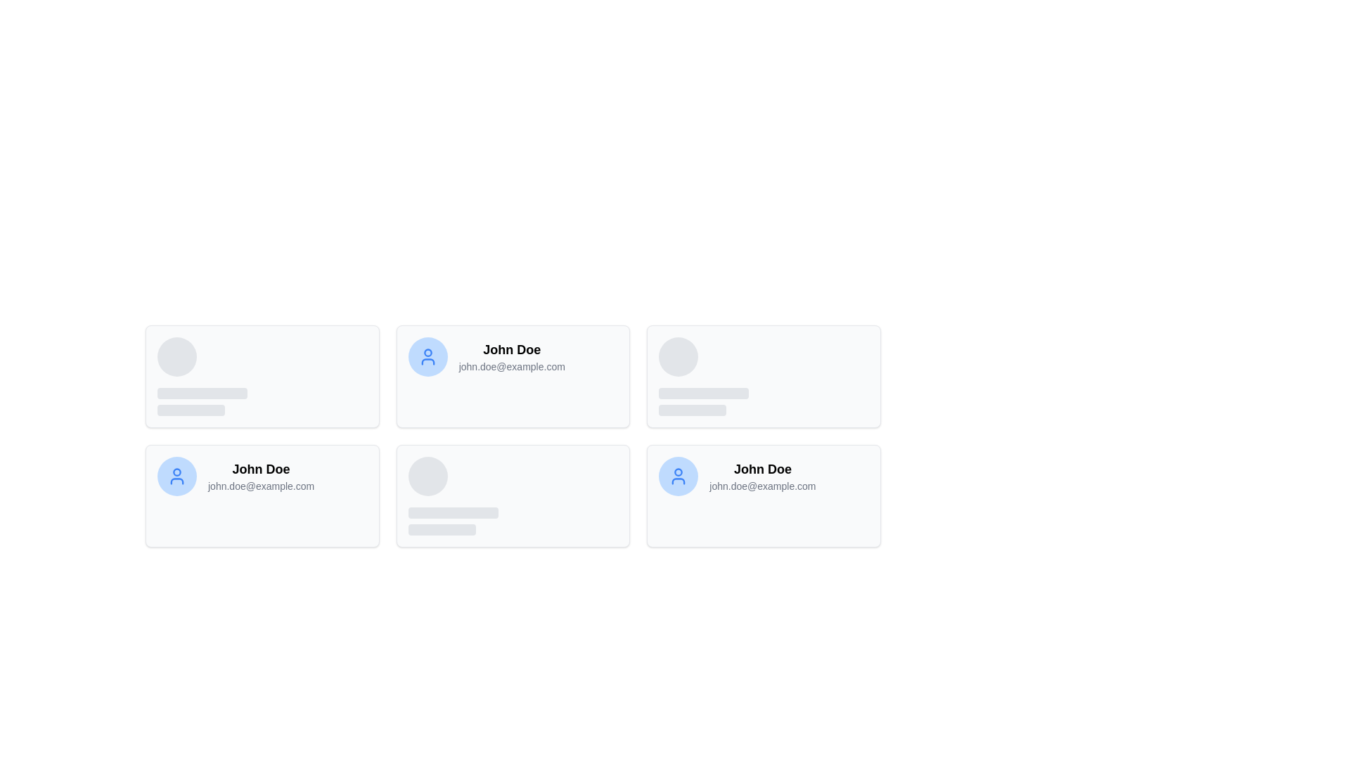  What do you see at coordinates (427, 356) in the screenshot?
I see `the user avatar SVG icon, which is a blue circular head and semi-circular body outline, located within a card in the top row, second from the left` at bounding box center [427, 356].